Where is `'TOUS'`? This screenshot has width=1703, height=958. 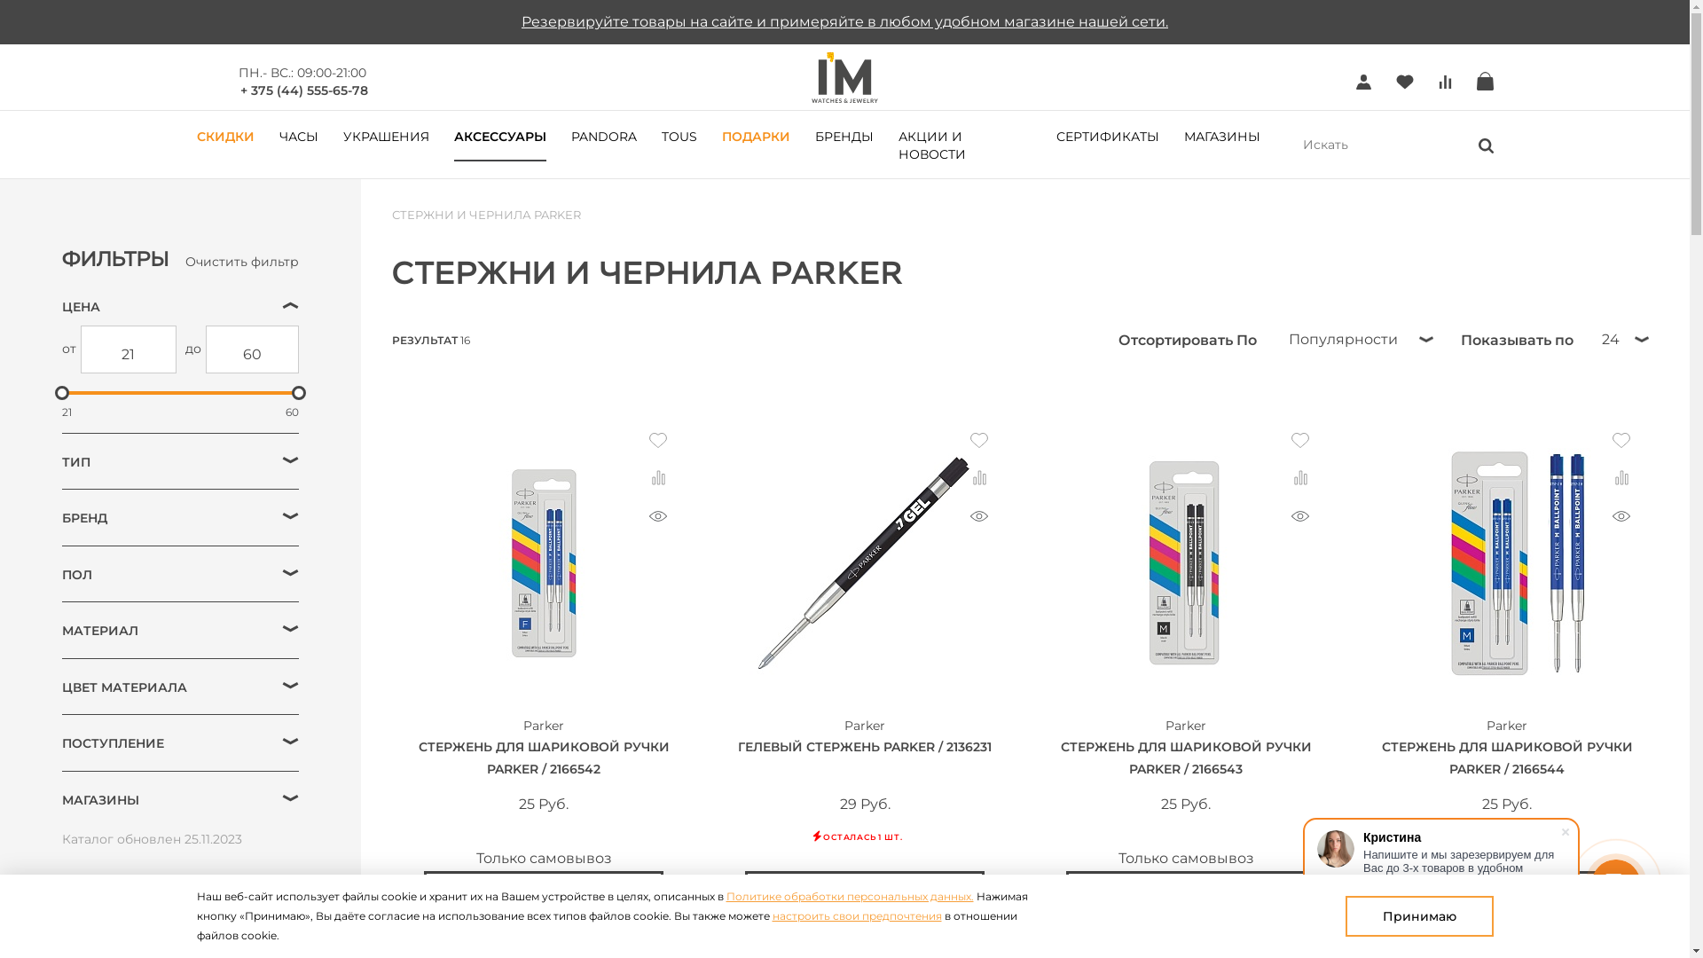 'TOUS' is located at coordinates (679, 135).